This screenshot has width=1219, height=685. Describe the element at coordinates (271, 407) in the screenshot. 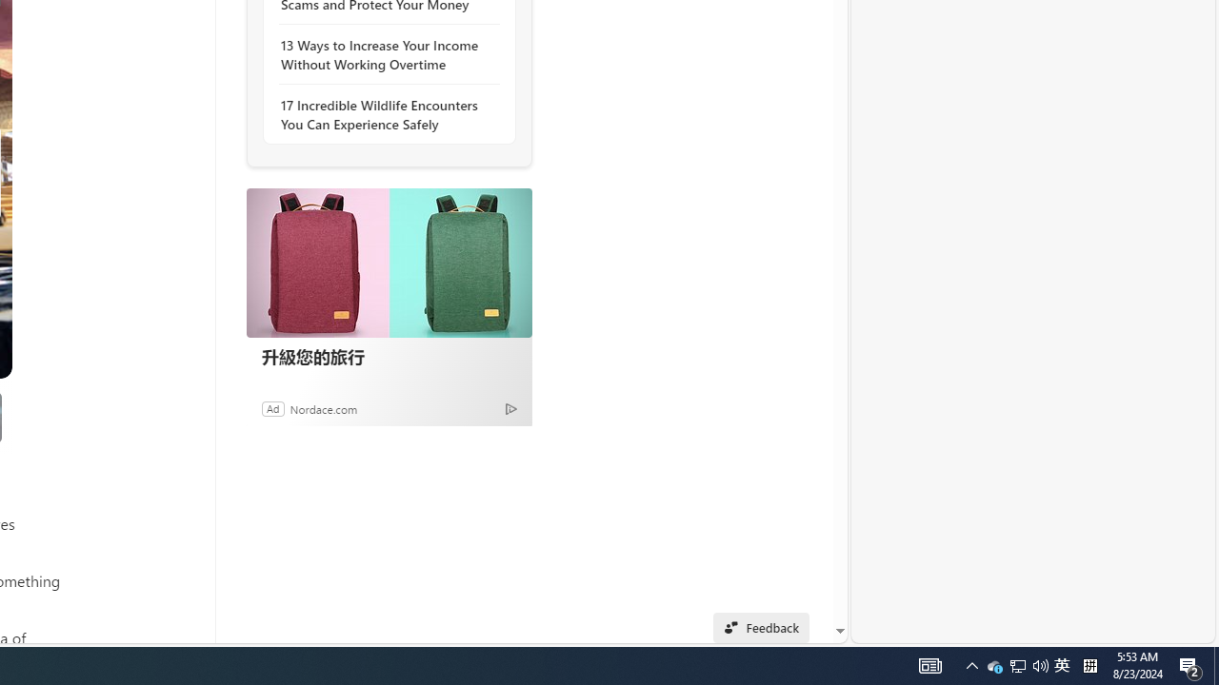

I see `'Ad'` at that location.